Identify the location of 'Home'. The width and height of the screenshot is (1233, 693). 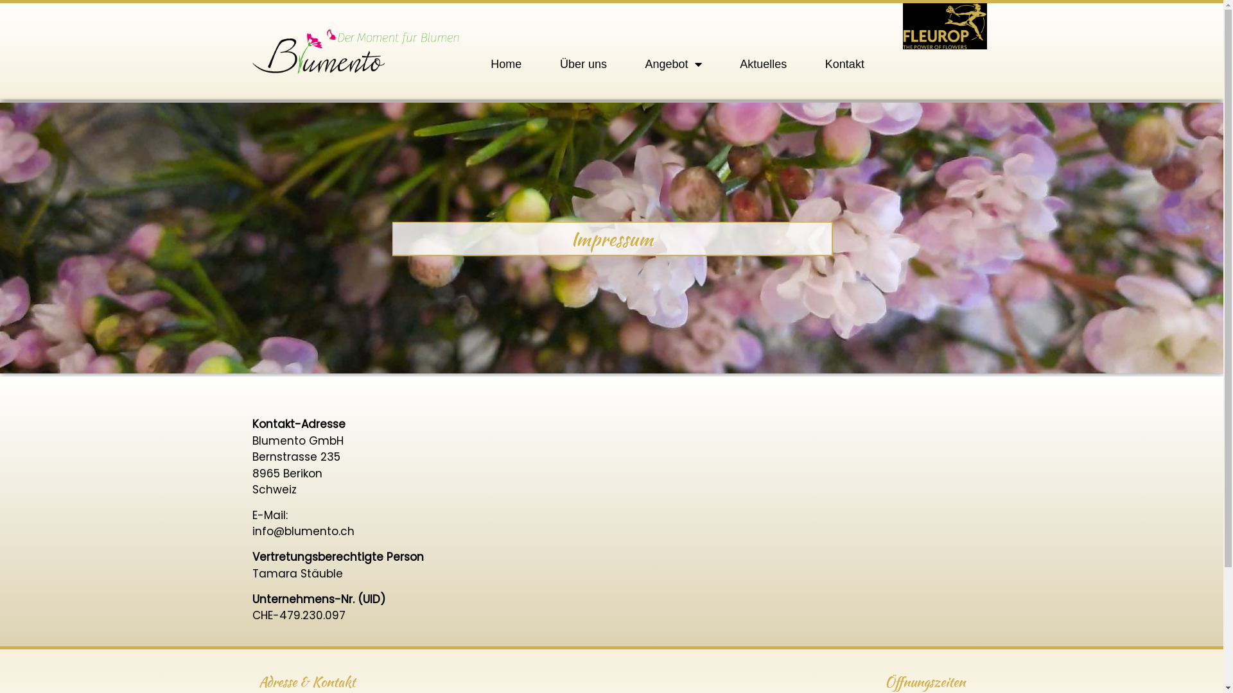
(471, 64).